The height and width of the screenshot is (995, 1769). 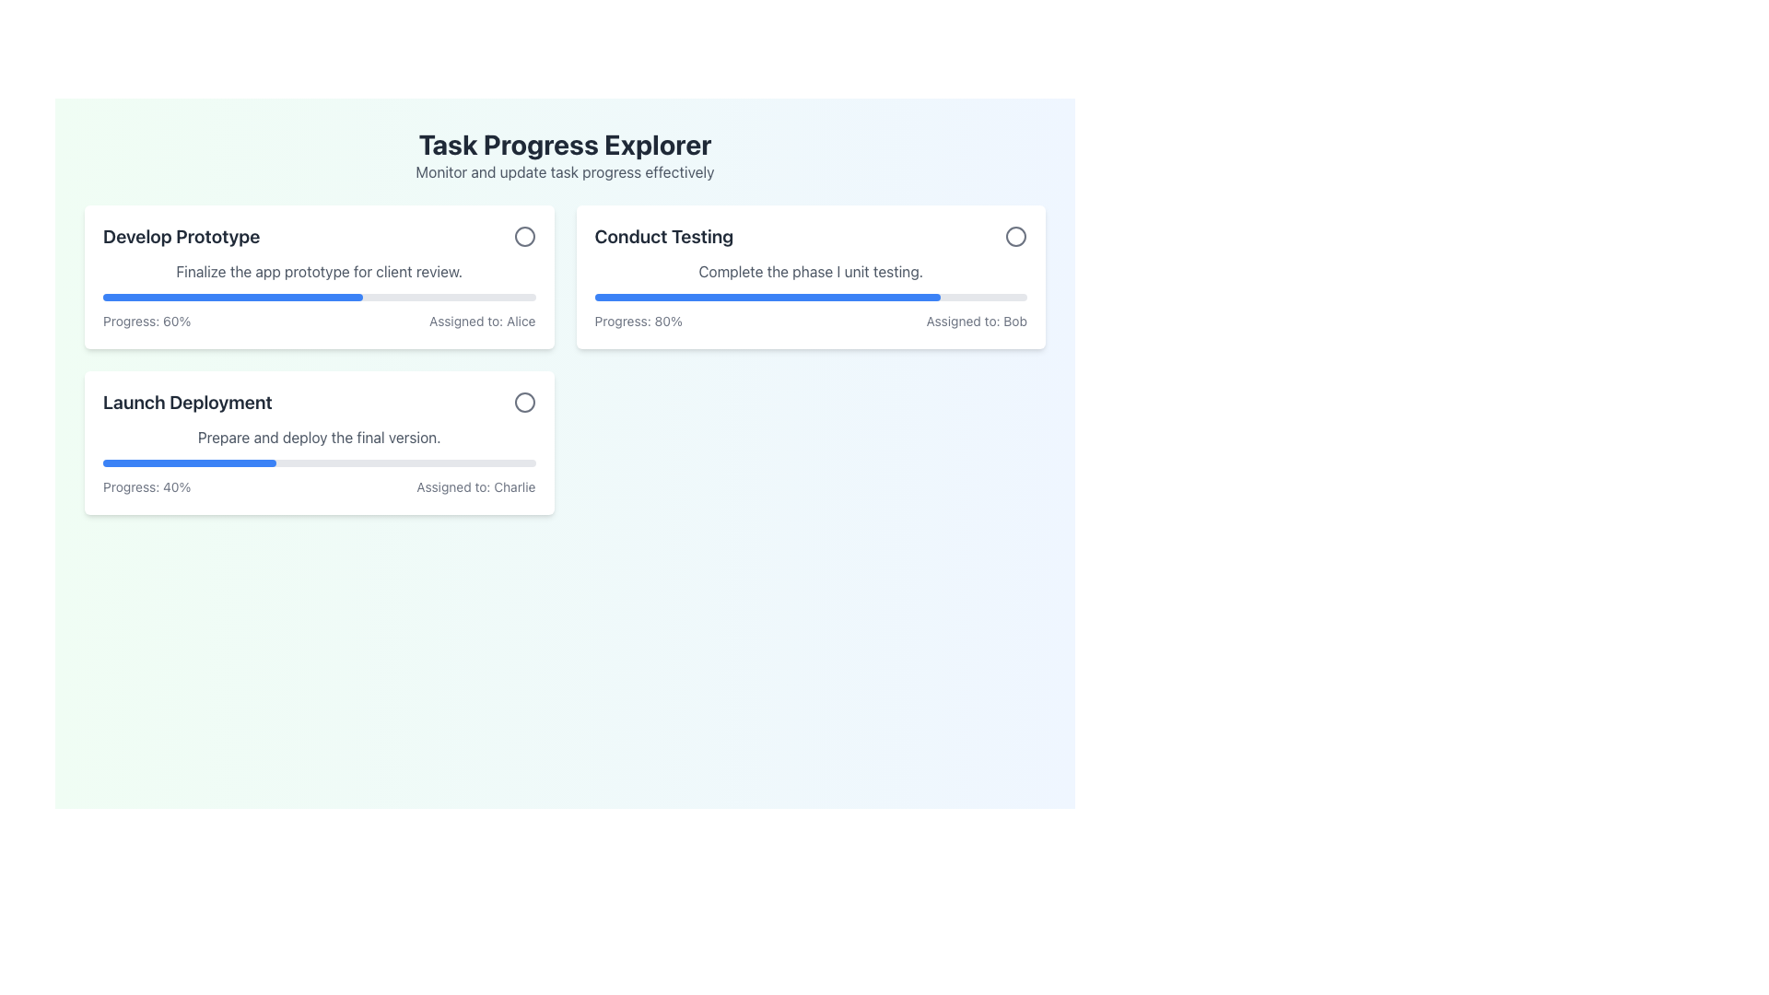 I want to click on header text that orients users to the task progress explorer section, positioned at the top-center of the interface, above the text 'Monitor and update task progress effectively', so click(x=564, y=144).